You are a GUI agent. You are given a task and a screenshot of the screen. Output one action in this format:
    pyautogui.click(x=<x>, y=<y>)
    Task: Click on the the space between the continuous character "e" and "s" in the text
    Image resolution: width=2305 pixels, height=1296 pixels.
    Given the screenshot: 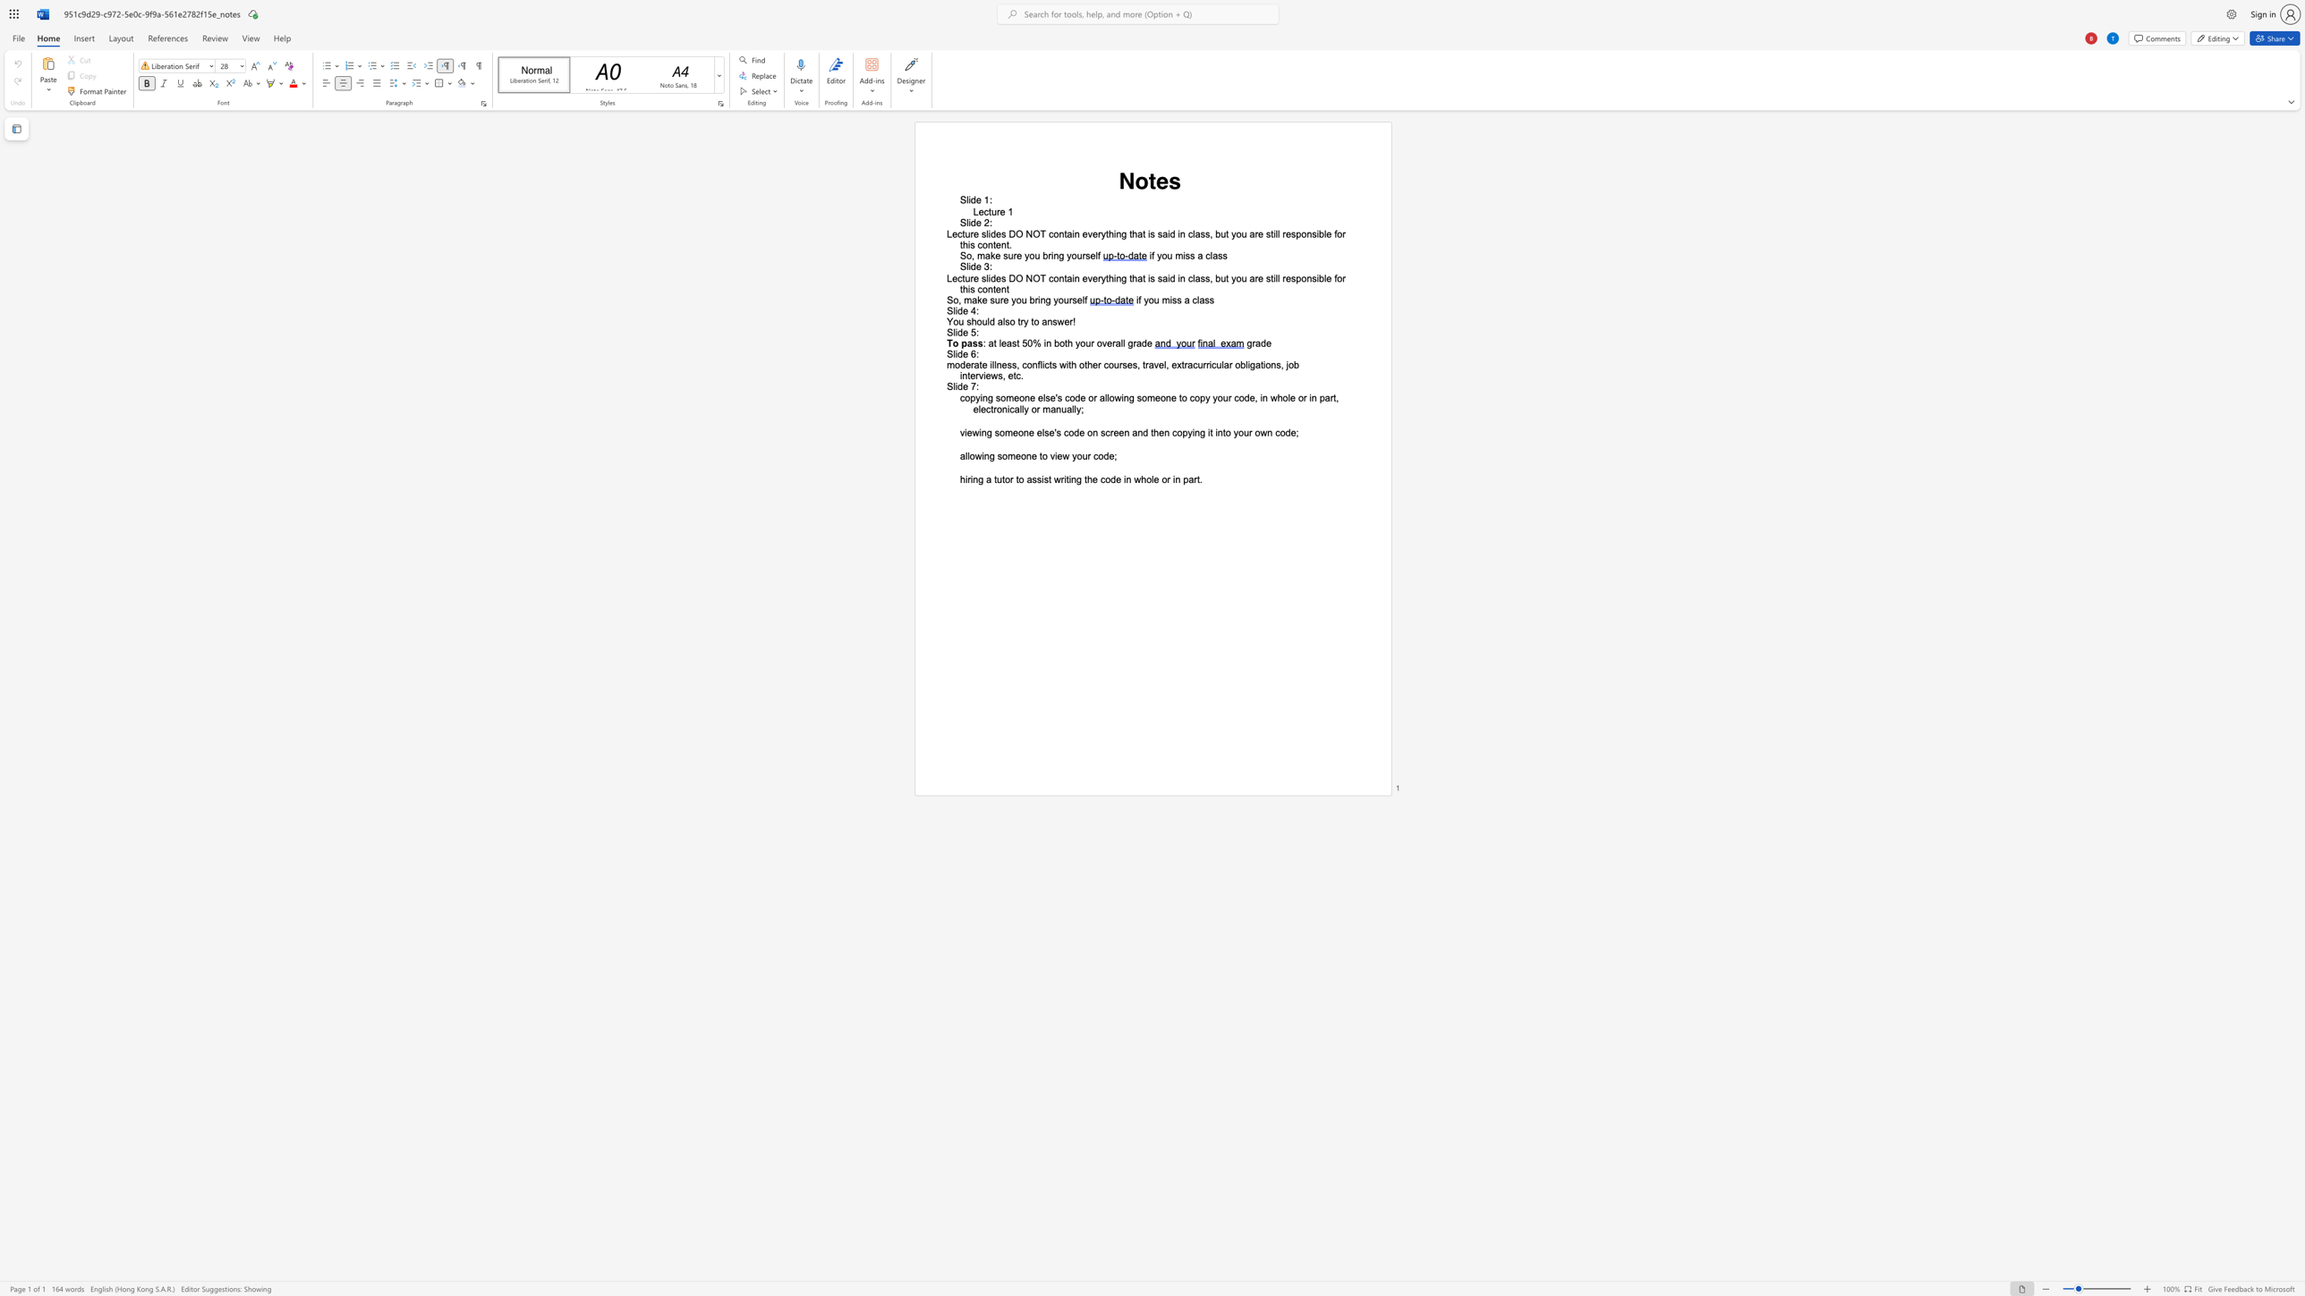 What is the action you would take?
    pyautogui.click(x=1001, y=234)
    